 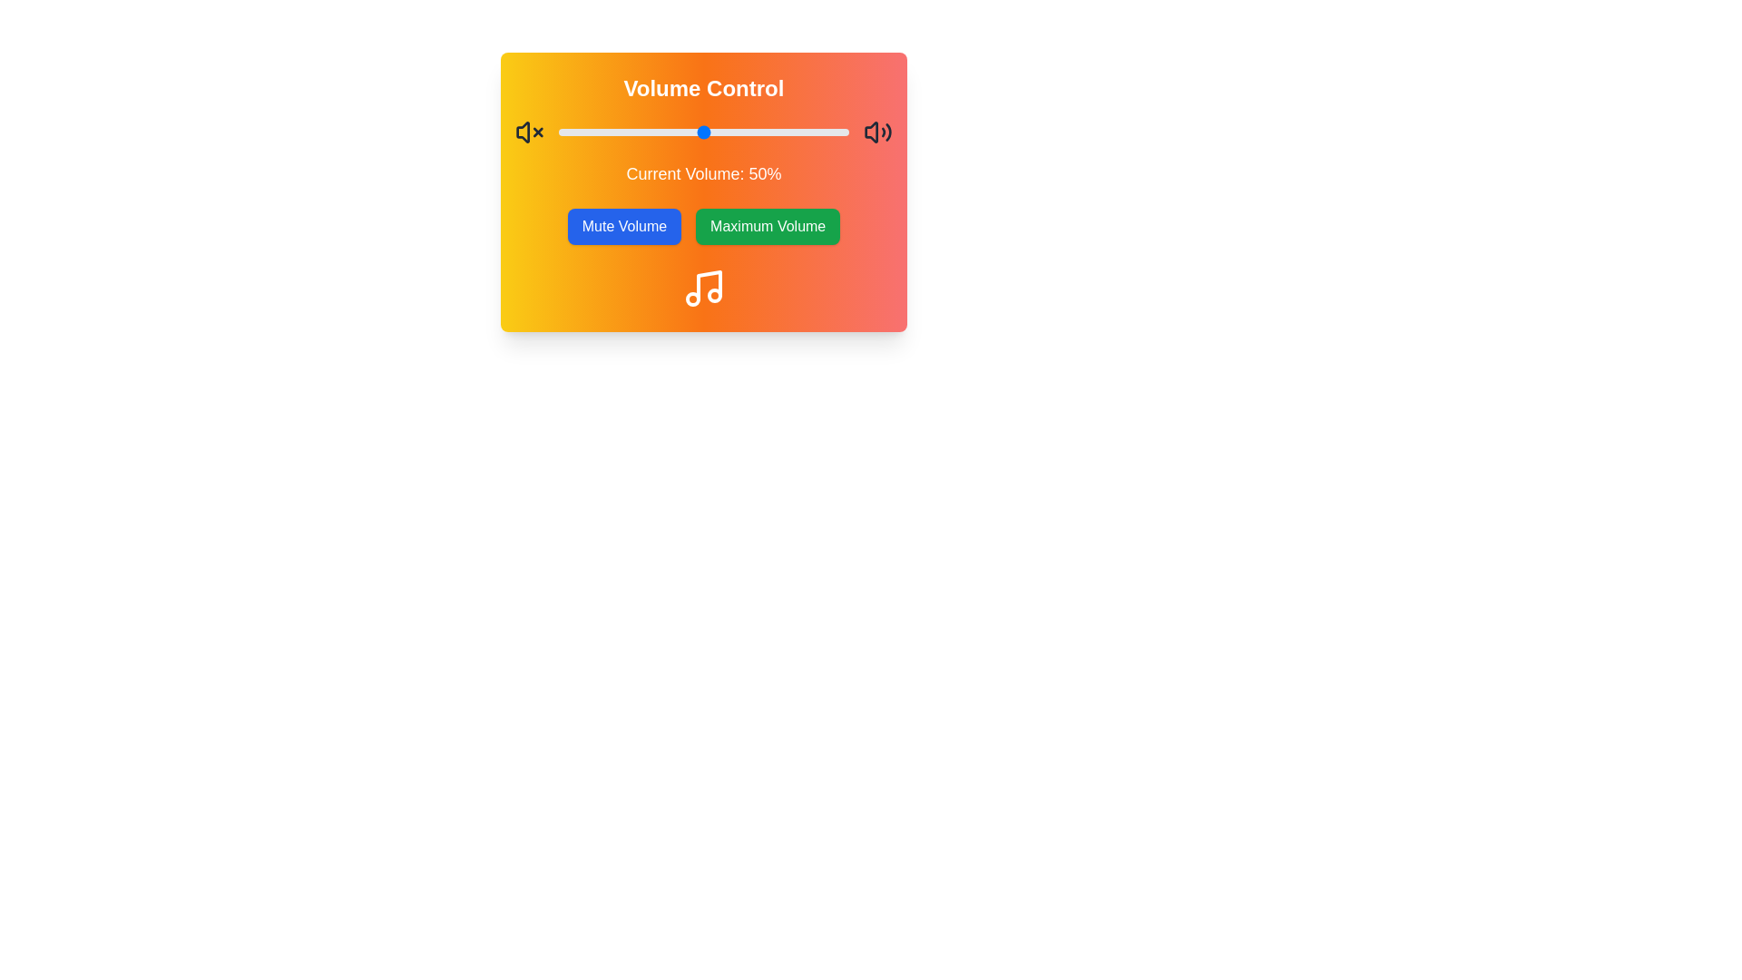 What do you see at coordinates (623, 226) in the screenshot?
I see `mute button to mute the volume` at bounding box center [623, 226].